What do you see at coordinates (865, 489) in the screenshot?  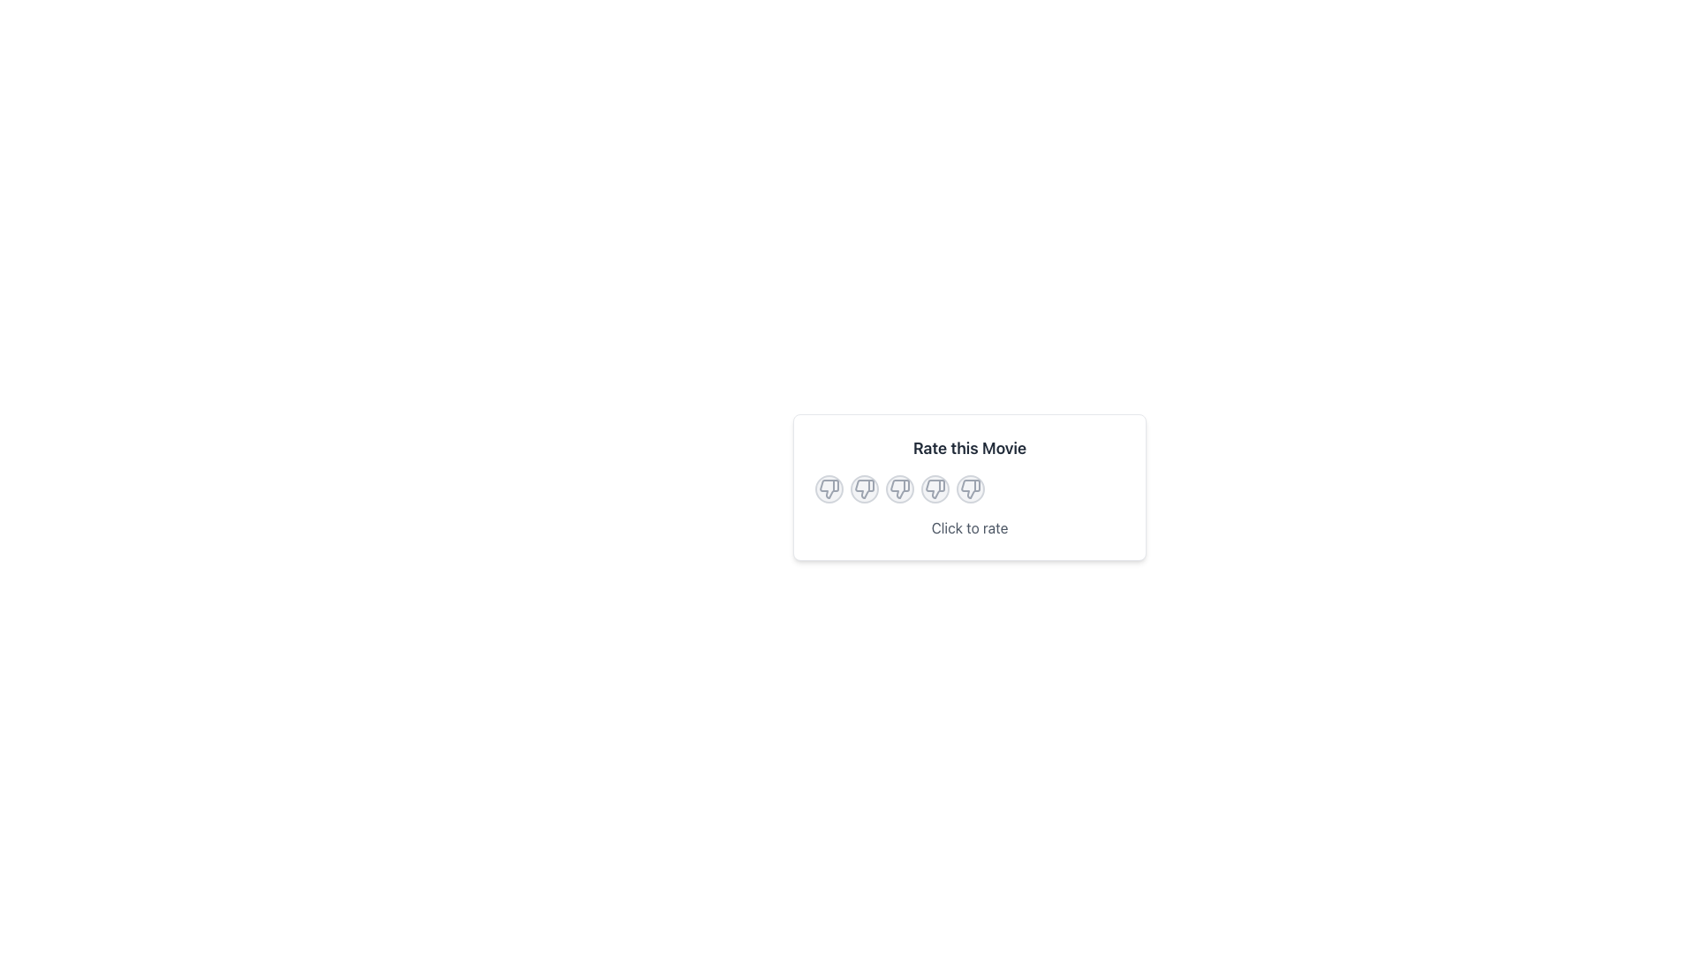 I see `the second circular rating button with a thumbs-down icon, located in the 'Rate this Movie' section` at bounding box center [865, 489].